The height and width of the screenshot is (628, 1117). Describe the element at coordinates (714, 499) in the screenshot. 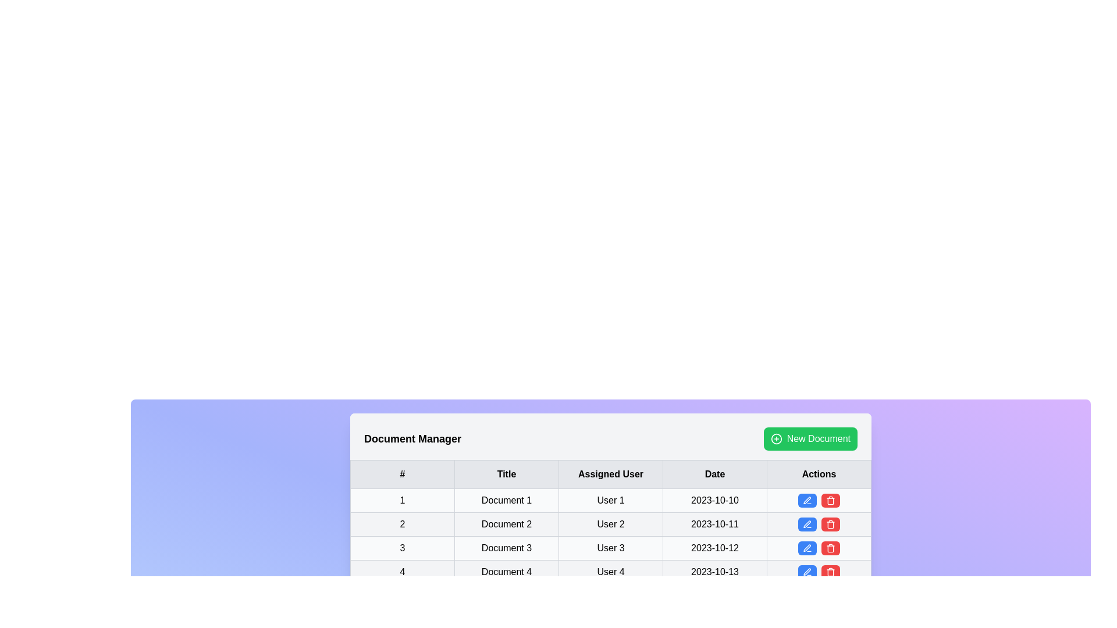

I see `the text component displaying the date '2023-10-10' in the 'Date' column of the Document Manager table` at that location.